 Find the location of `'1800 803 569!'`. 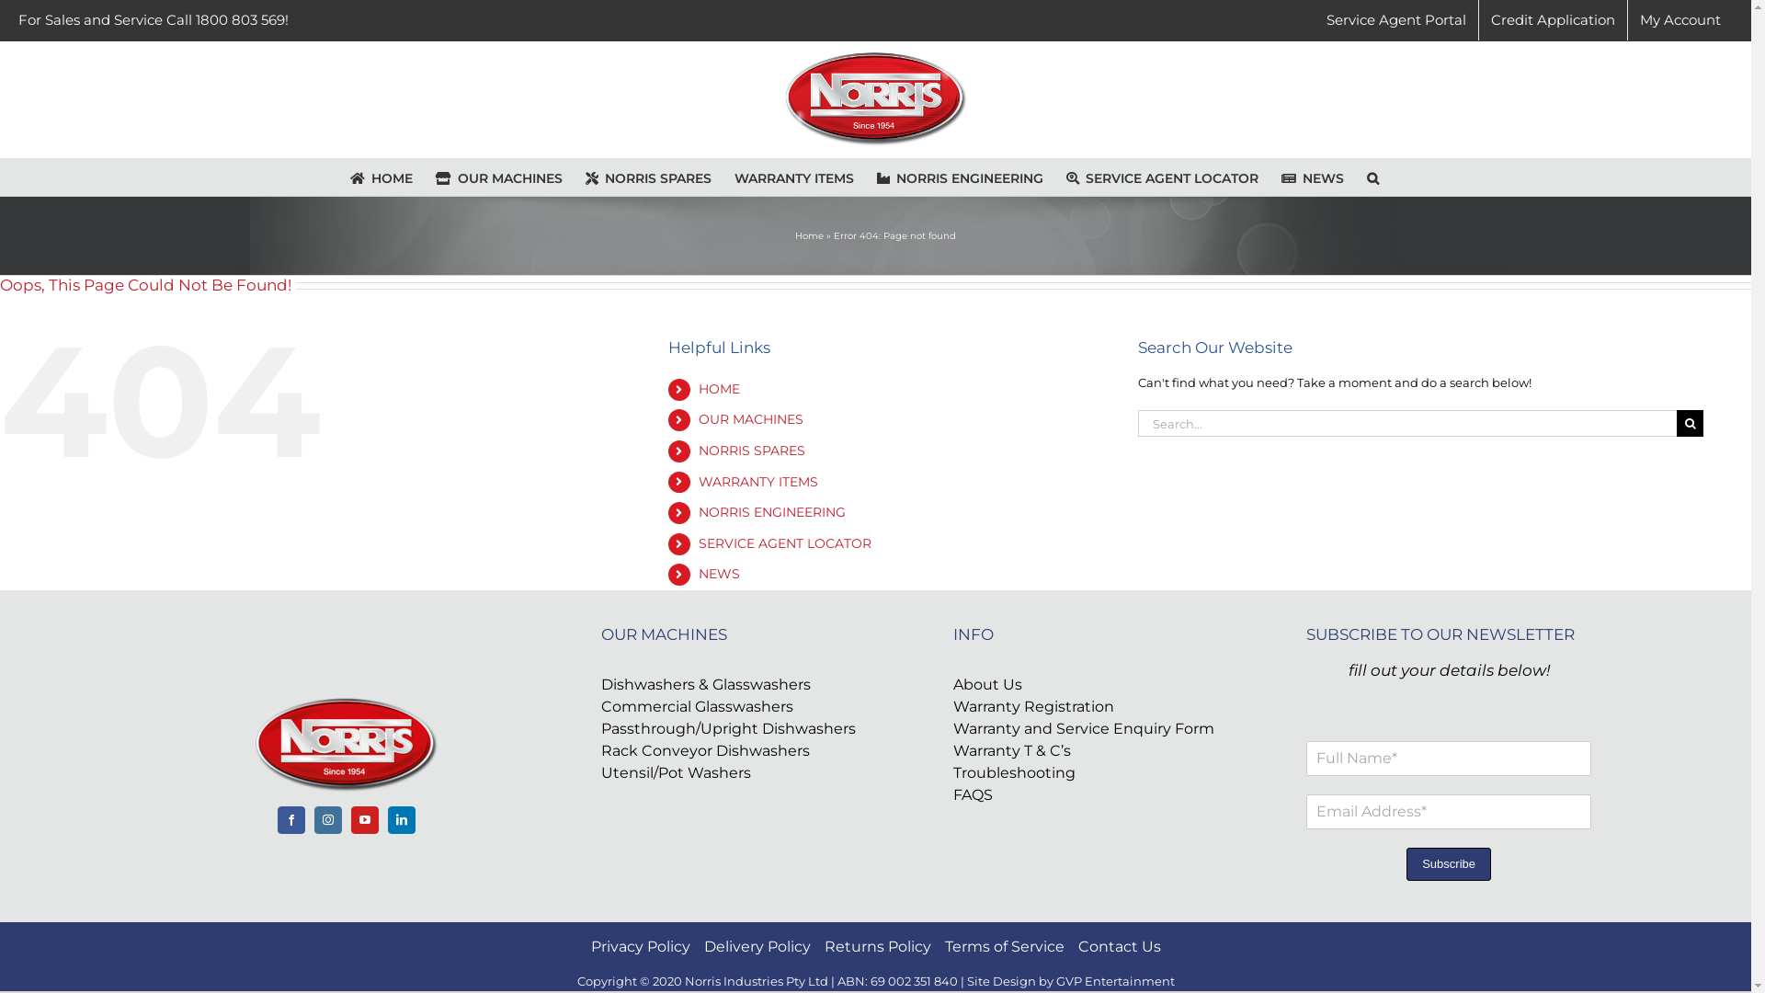

'1800 803 569!' is located at coordinates (241, 19).